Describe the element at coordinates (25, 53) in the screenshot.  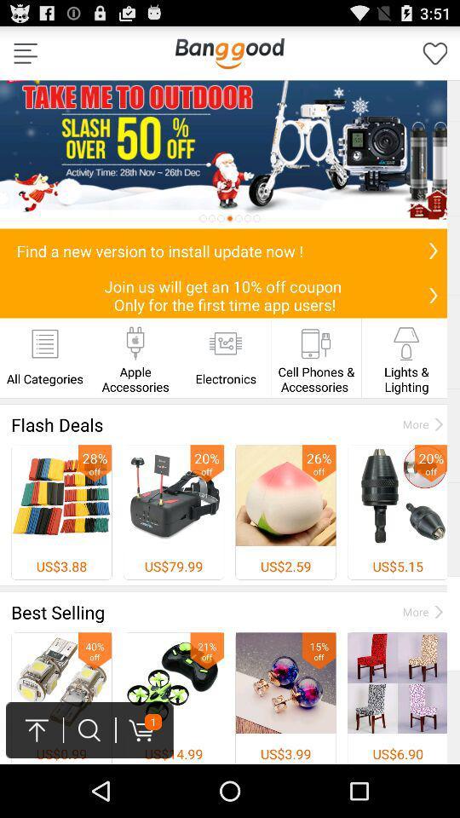
I see `menu options` at that location.